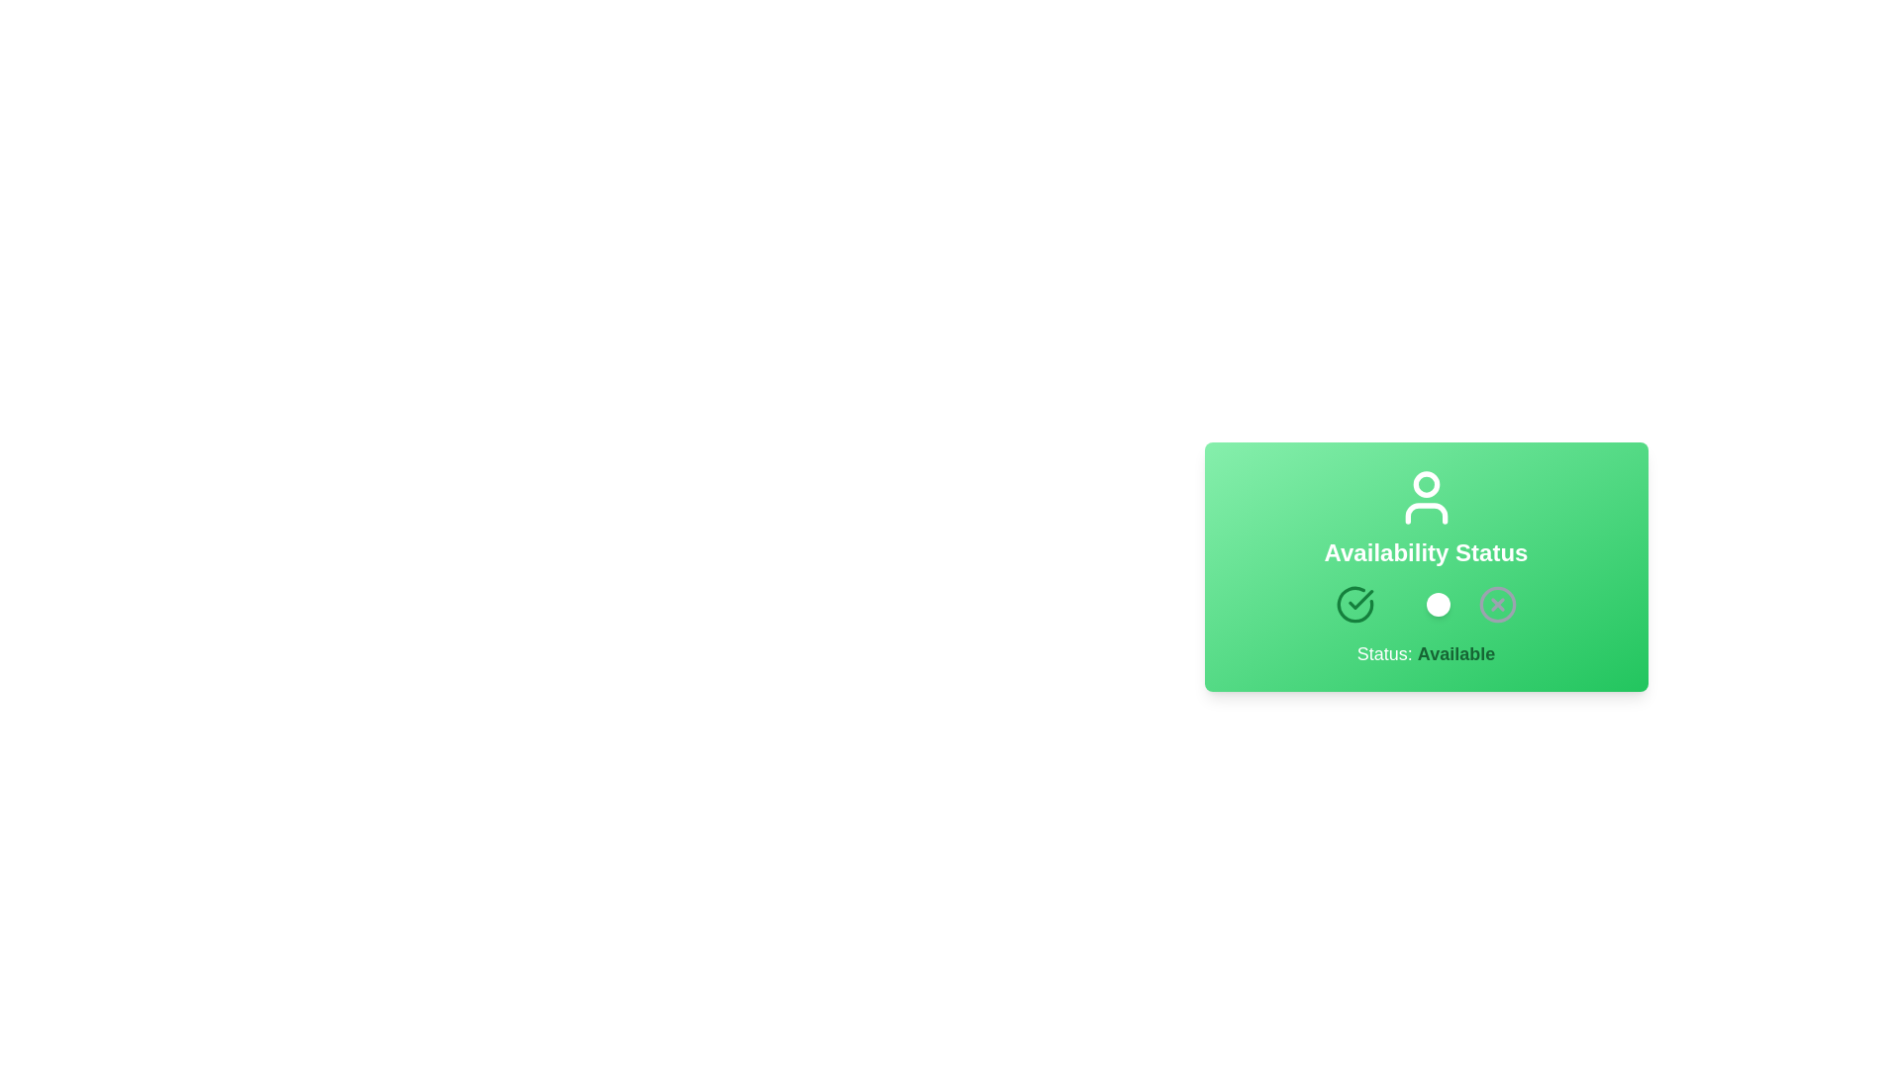  What do you see at coordinates (1456, 653) in the screenshot?
I see `the text label that indicates the current availability status, which displays 'Available' and is styled distinctly within a green card interface` at bounding box center [1456, 653].